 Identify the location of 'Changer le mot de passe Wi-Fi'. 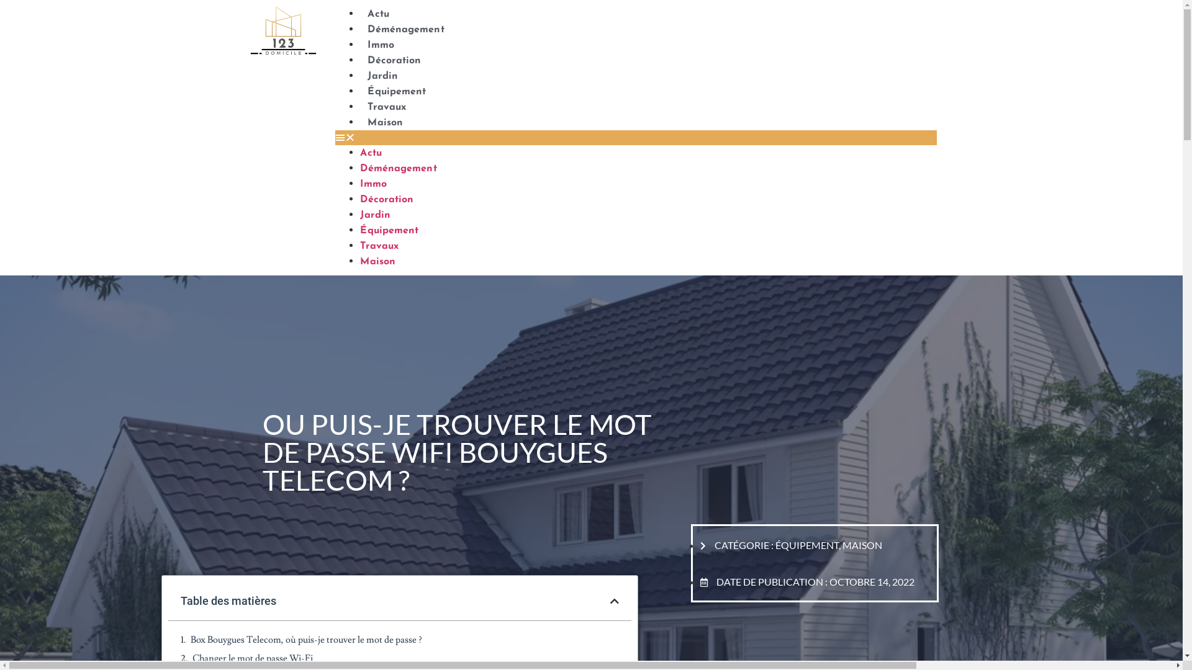
(252, 658).